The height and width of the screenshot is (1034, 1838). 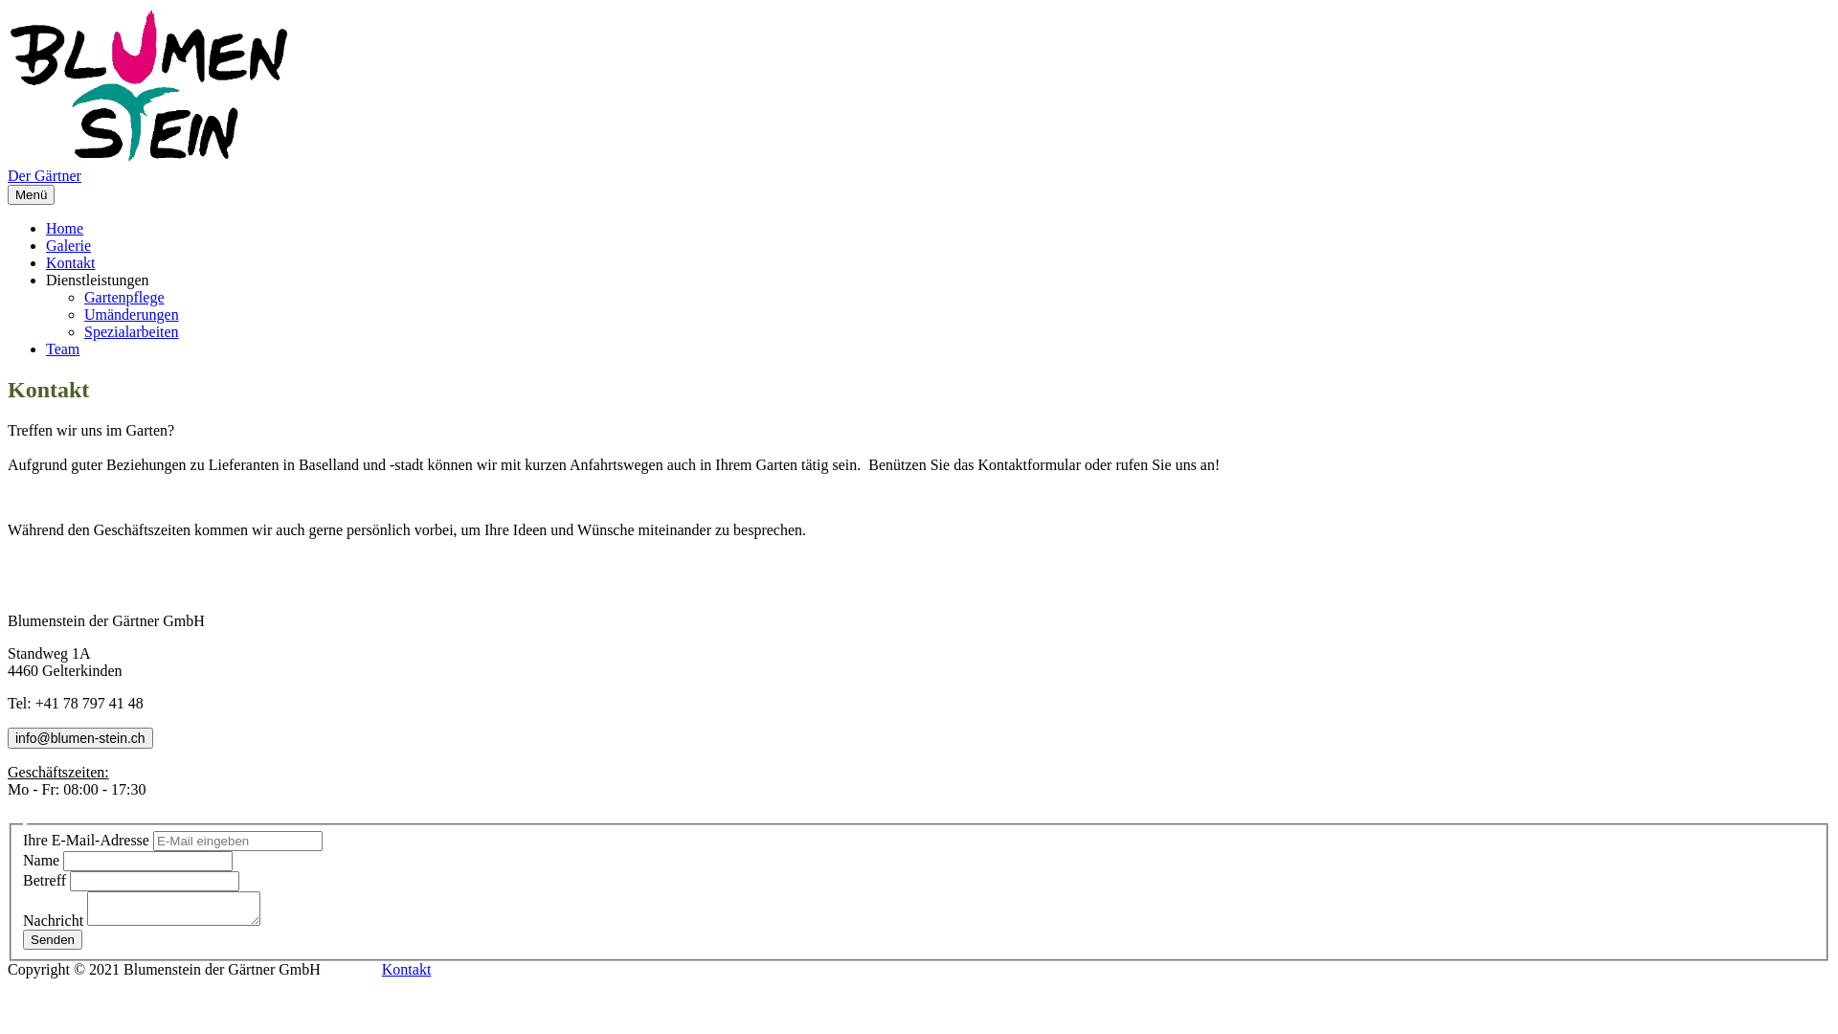 What do you see at coordinates (64, 227) in the screenshot?
I see `'Home'` at bounding box center [64, 227].